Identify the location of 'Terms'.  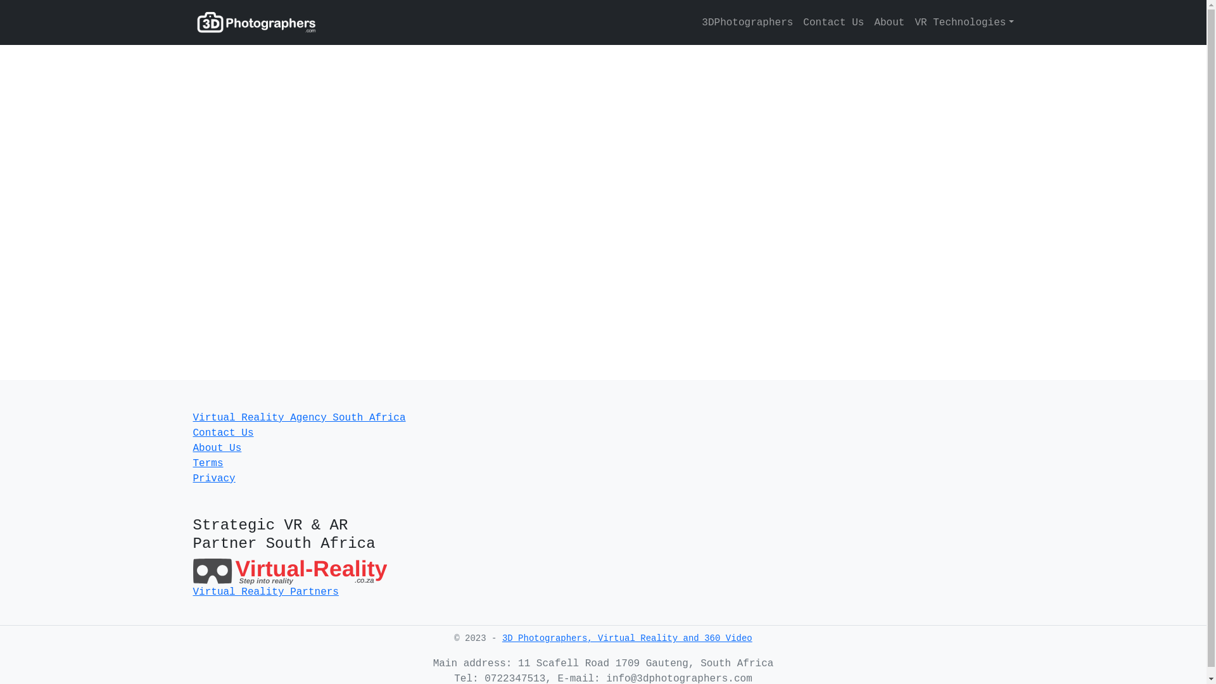
(207, 464).